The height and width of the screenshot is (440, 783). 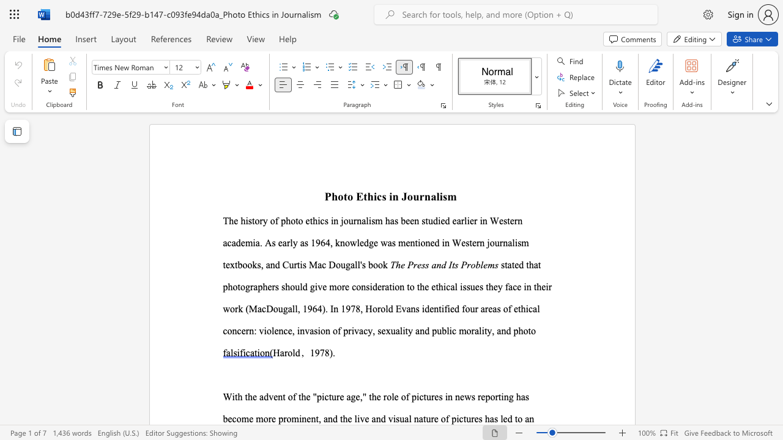 What do you see at coordinates (294, 308) in the screenshot?
I see `the 1th character "l" in the text` at bounding box center [294, 308].